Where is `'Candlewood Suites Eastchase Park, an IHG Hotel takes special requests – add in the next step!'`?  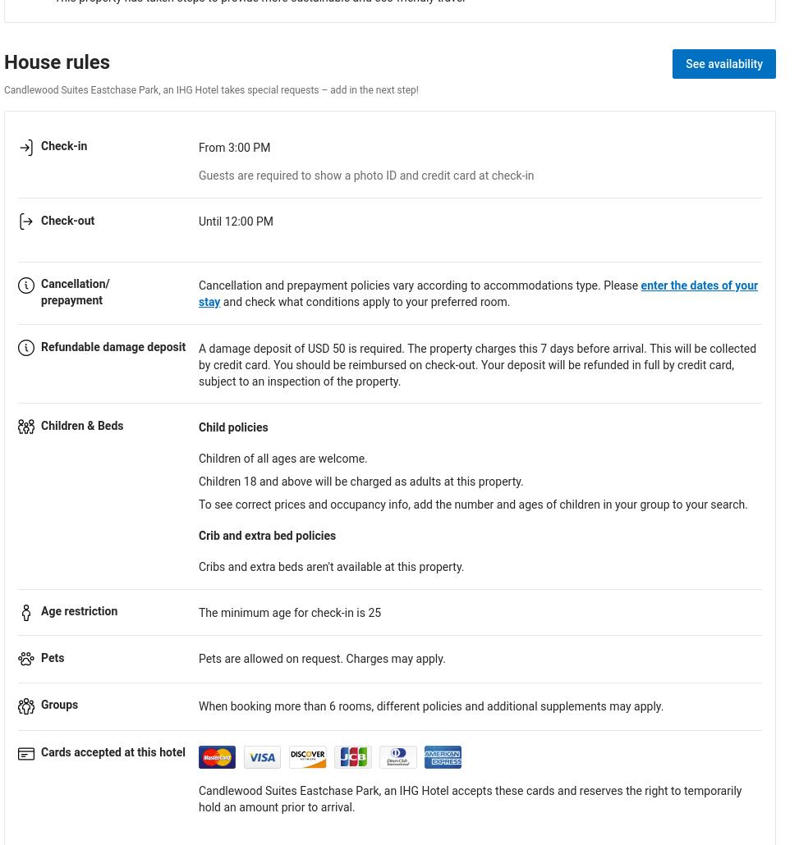
'Candlewood Suites Eastchase Park, an IHG Hotel takes special requests – add in the next step!' is located at coordinates (209, 88).